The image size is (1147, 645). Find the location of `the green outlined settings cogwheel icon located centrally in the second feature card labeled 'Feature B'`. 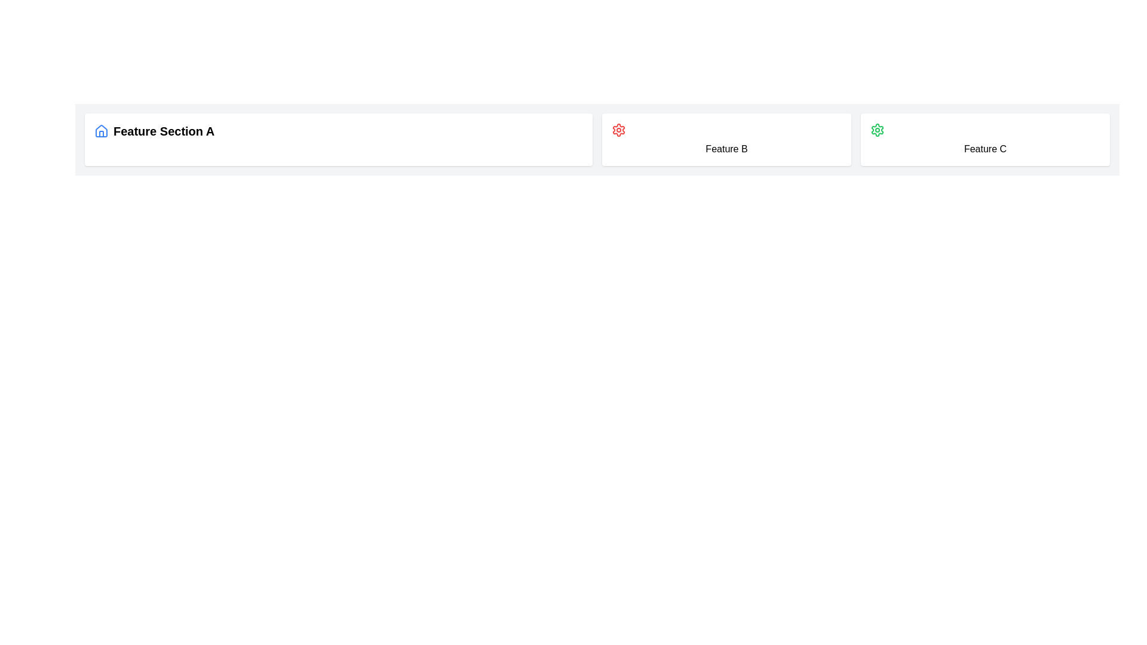

the green outlined settings cogwheel icon located centrally in the second feature card labeled 'Feature B' is located at coordinates (877, 130).